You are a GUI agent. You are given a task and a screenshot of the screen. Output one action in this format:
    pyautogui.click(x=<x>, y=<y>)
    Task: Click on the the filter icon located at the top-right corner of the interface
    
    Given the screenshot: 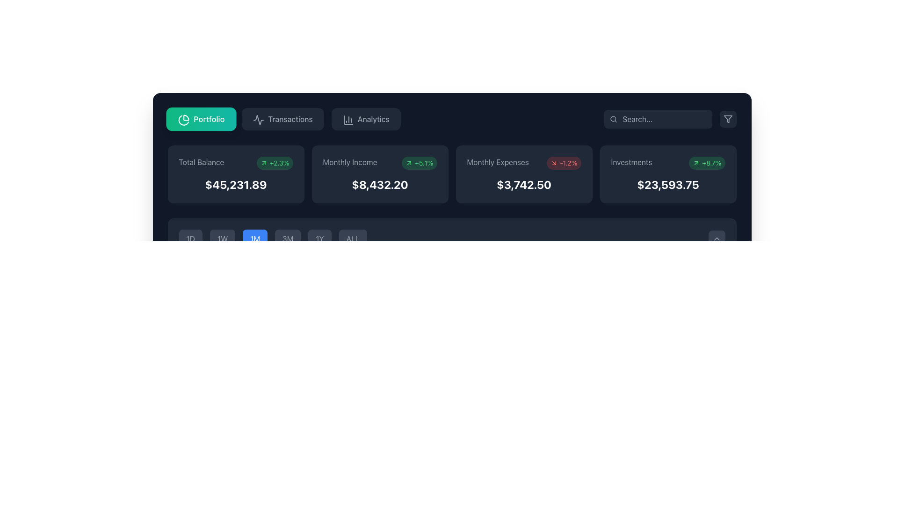 What is the action you would take?
    pyautogui.click(x=727, y=118)
    